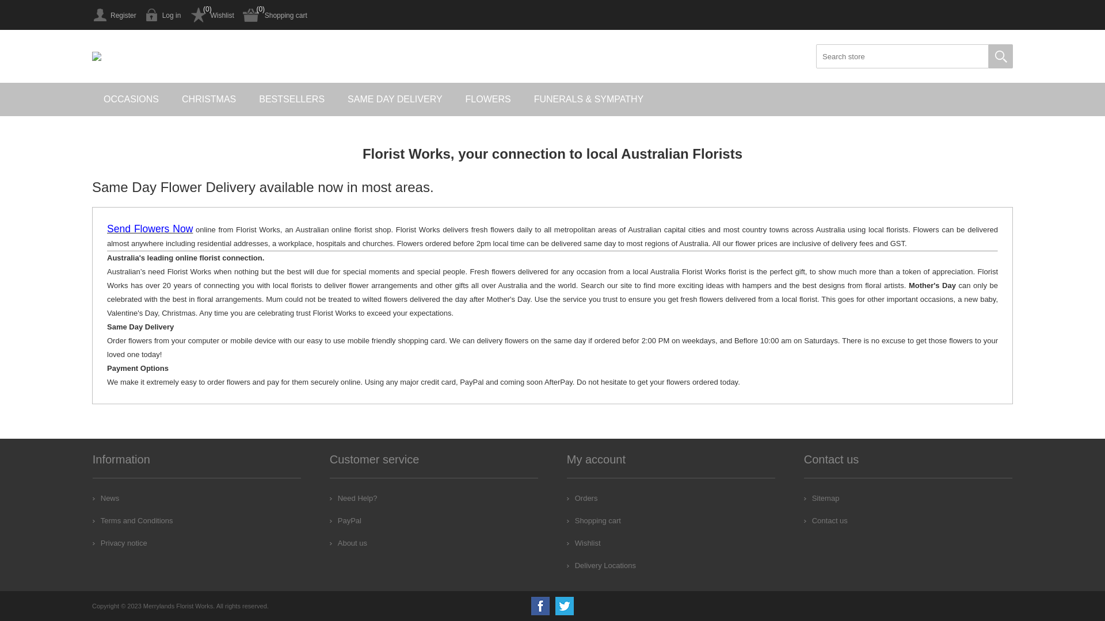 Image resolution: width=1105 pixels, height=621 pixels. What do you see at coordinates (1000, 56) in the screenshot?
I see `'Search'` at bounding box center [1000, 56].